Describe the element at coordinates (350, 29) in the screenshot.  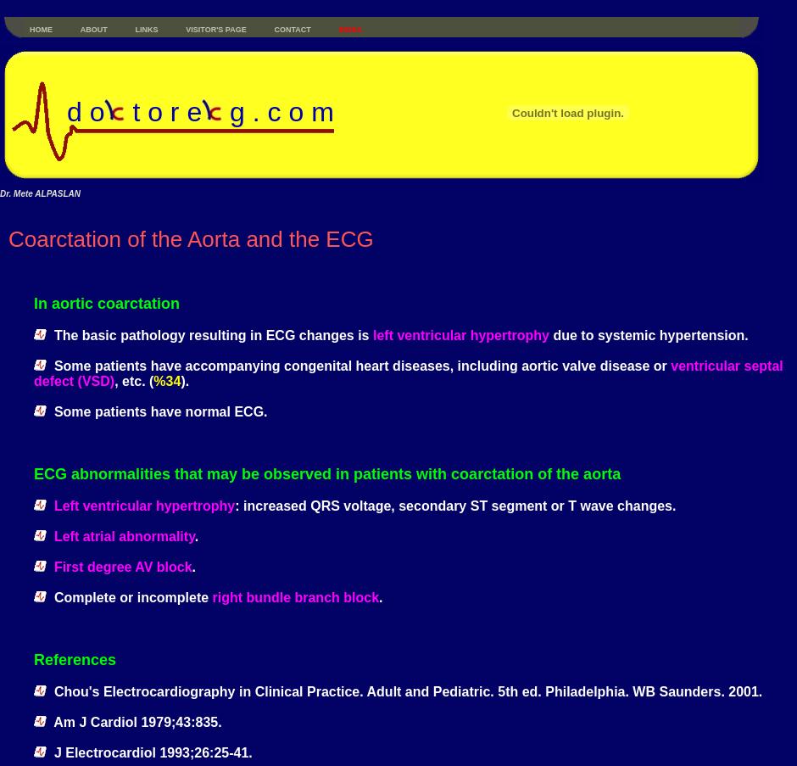
I see `'INDEX'` at that location.